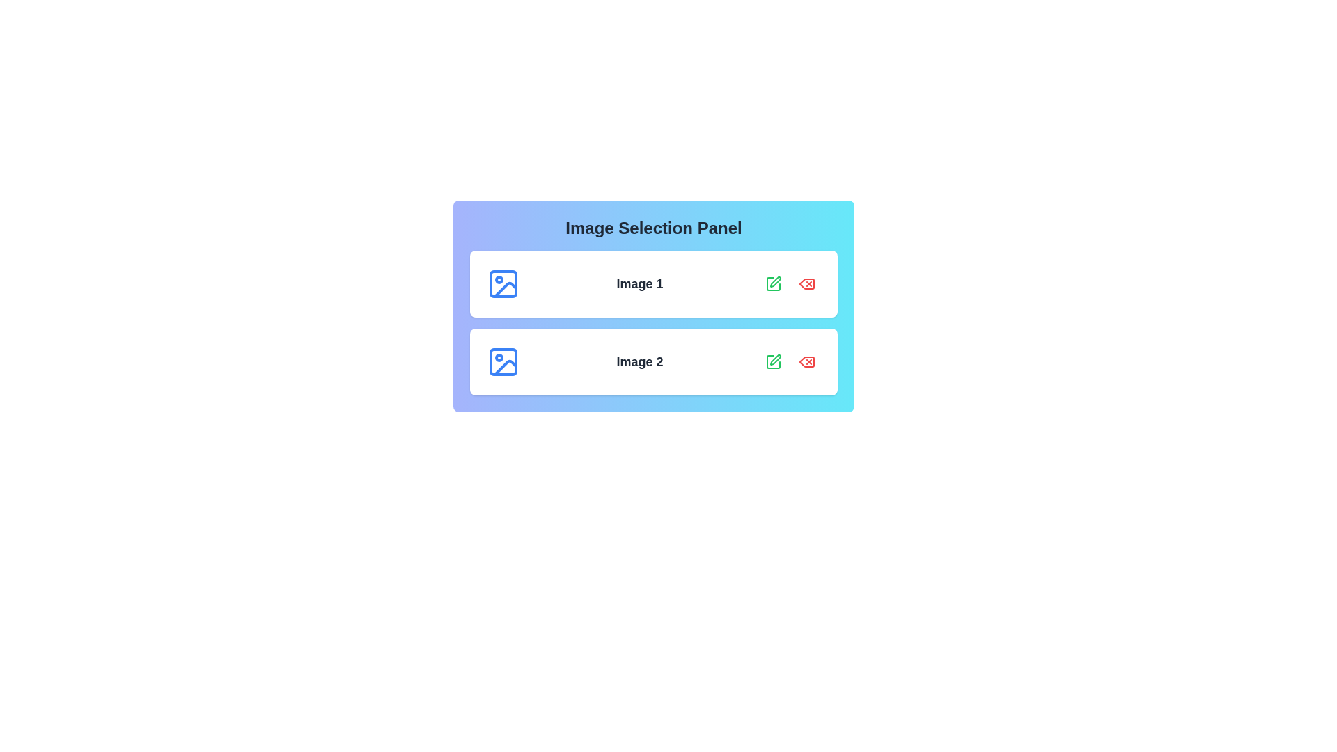  I want to click on the 'Image 2' text label, which is bold and gray, located in the second row of a two-row layout within a rounded white box against a blue background, so click(639, 361).